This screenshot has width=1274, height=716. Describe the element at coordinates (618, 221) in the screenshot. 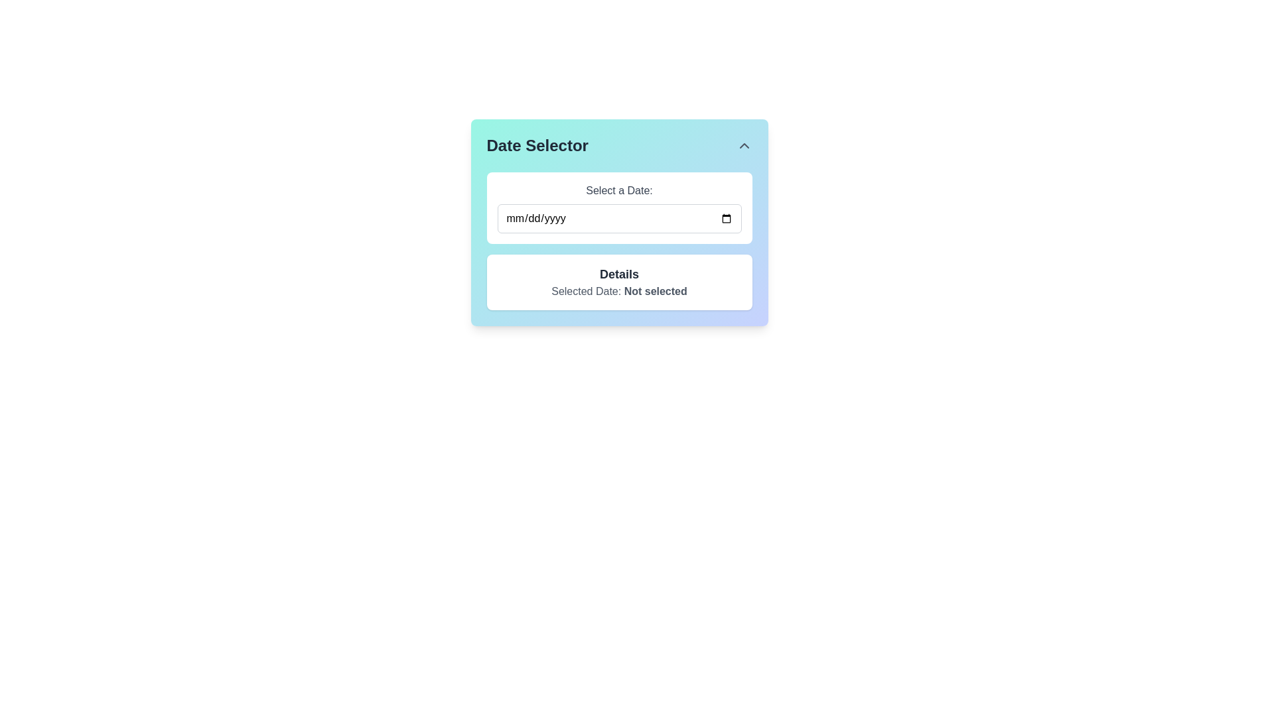

I see `the date input within the Interactive date selection panel, which has a gradient background and is labeled 'Date Selector'` at that location.